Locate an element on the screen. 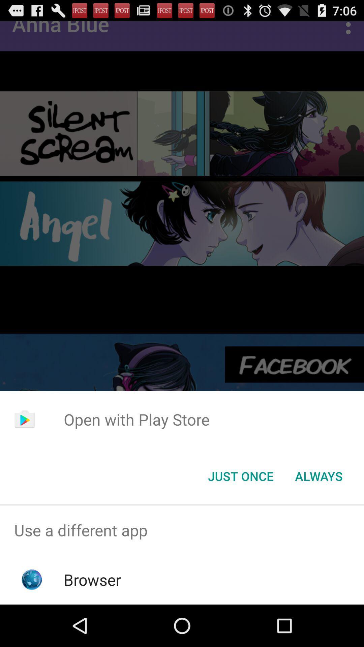 The image size is (364, 647). always icon is located at coordinates (318, 475).